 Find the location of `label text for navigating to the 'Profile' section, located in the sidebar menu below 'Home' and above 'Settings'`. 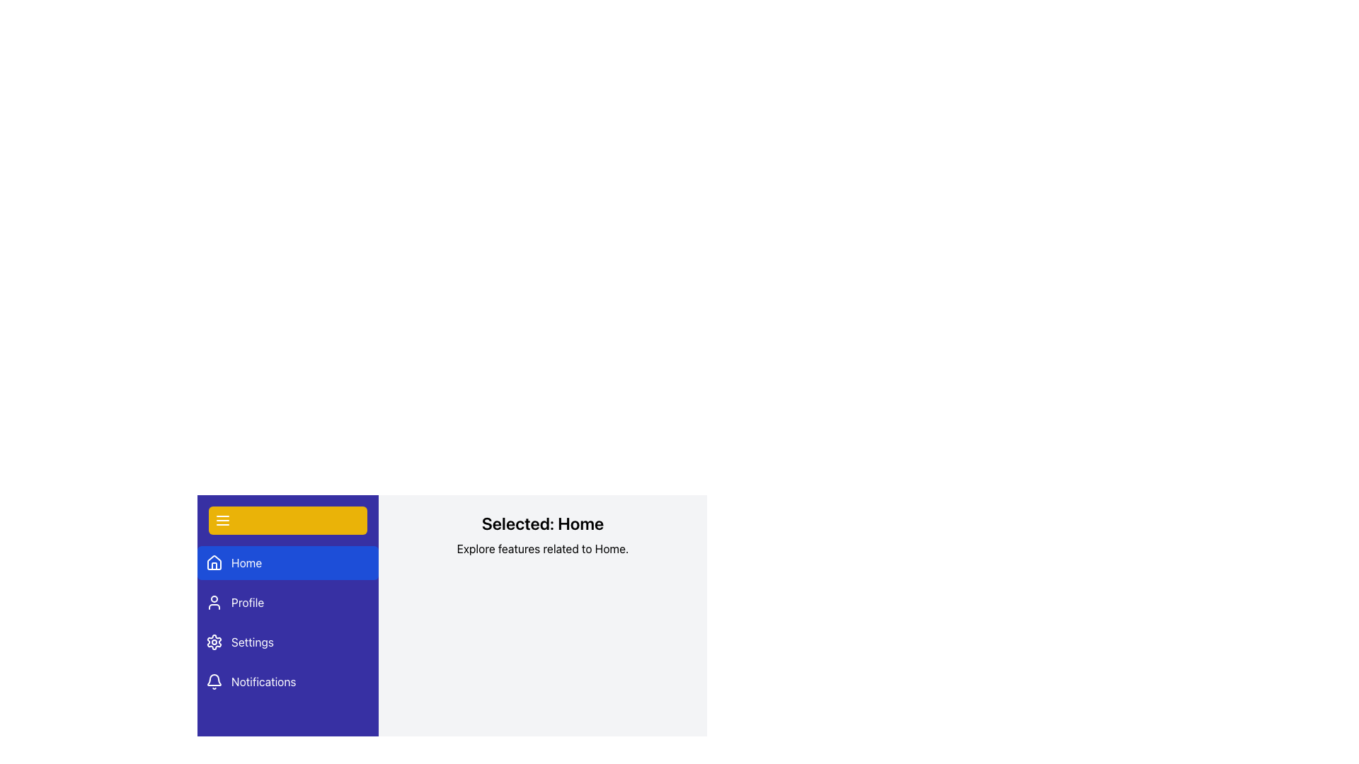

label text for navigating to the 'Profile' section, located in the sidebar menu below 'Home' and above 'Settings' is located at coordinates (248, 603).